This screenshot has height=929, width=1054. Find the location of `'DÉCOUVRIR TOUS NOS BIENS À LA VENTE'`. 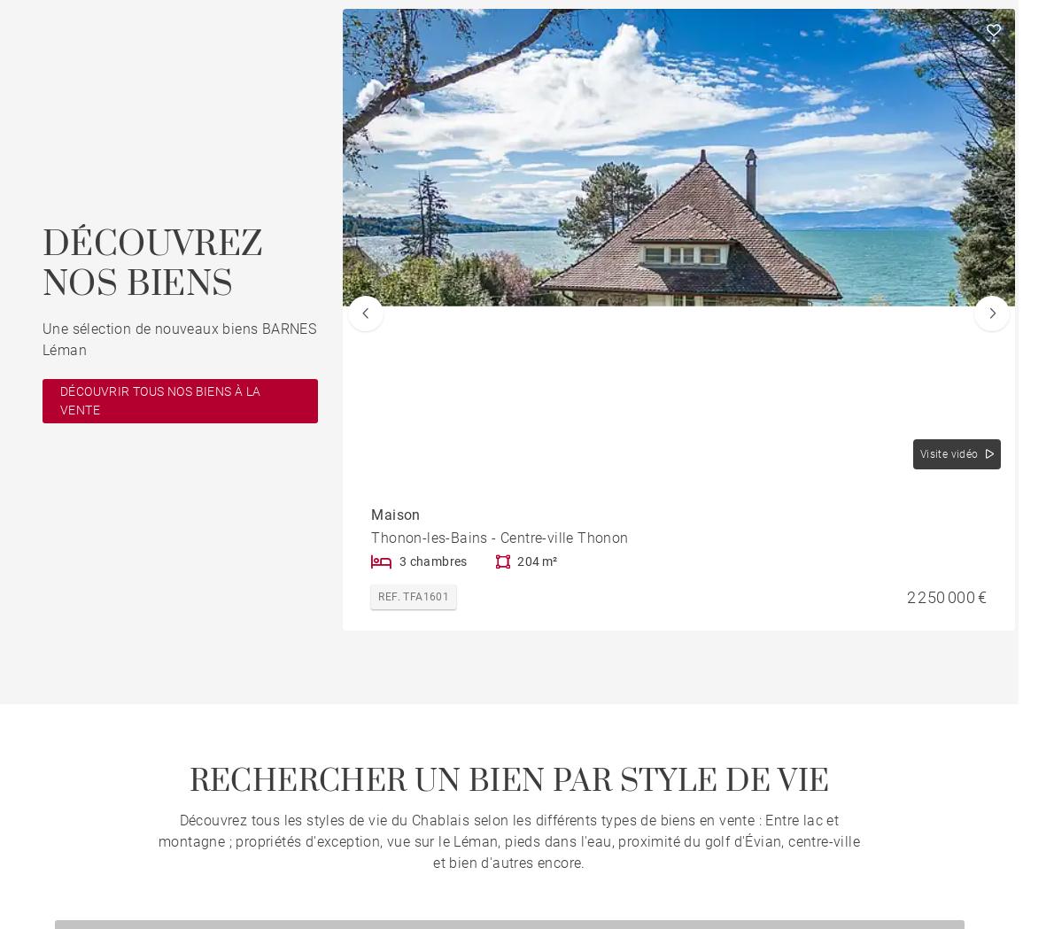

'DÉCOUVRIR TOUS NOS BIENS À LA VENTE' is located at coordinates (159, 400).